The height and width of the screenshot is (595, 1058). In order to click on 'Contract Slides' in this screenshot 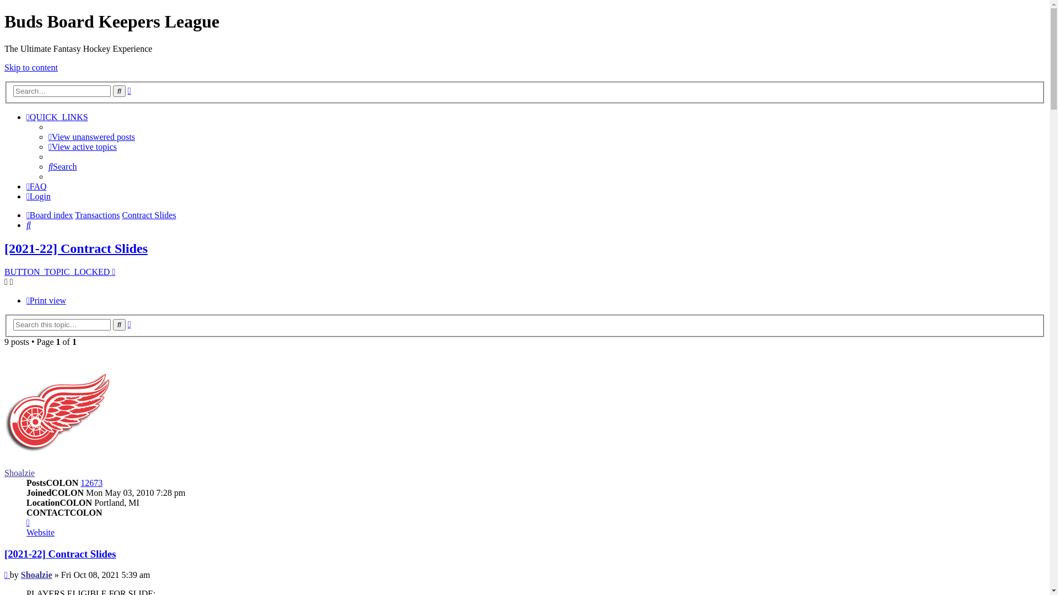, I will do `click(148, 215)`.